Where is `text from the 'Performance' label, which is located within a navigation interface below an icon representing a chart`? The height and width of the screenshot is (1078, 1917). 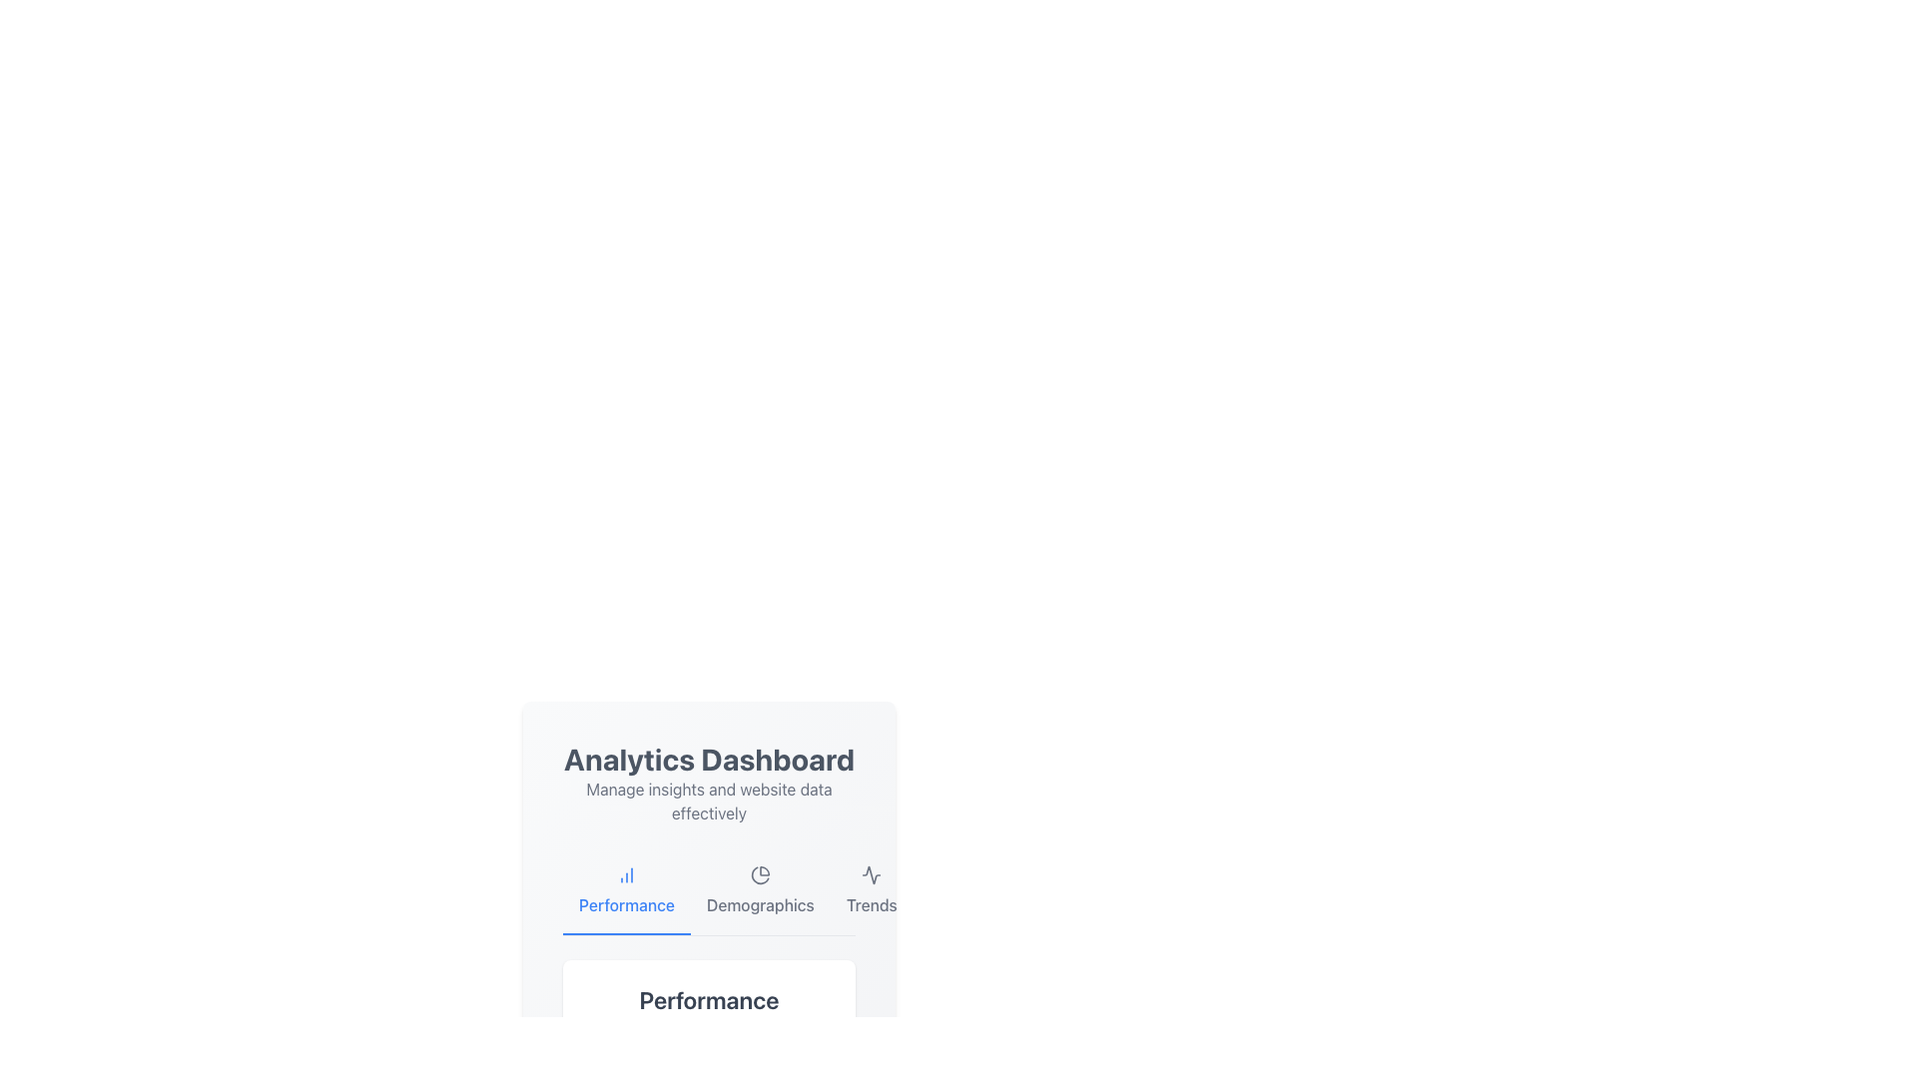 text from the 'Performance' label, which is located within a navigation interface below an icon representing a chart is located at coordinates (626, 904).